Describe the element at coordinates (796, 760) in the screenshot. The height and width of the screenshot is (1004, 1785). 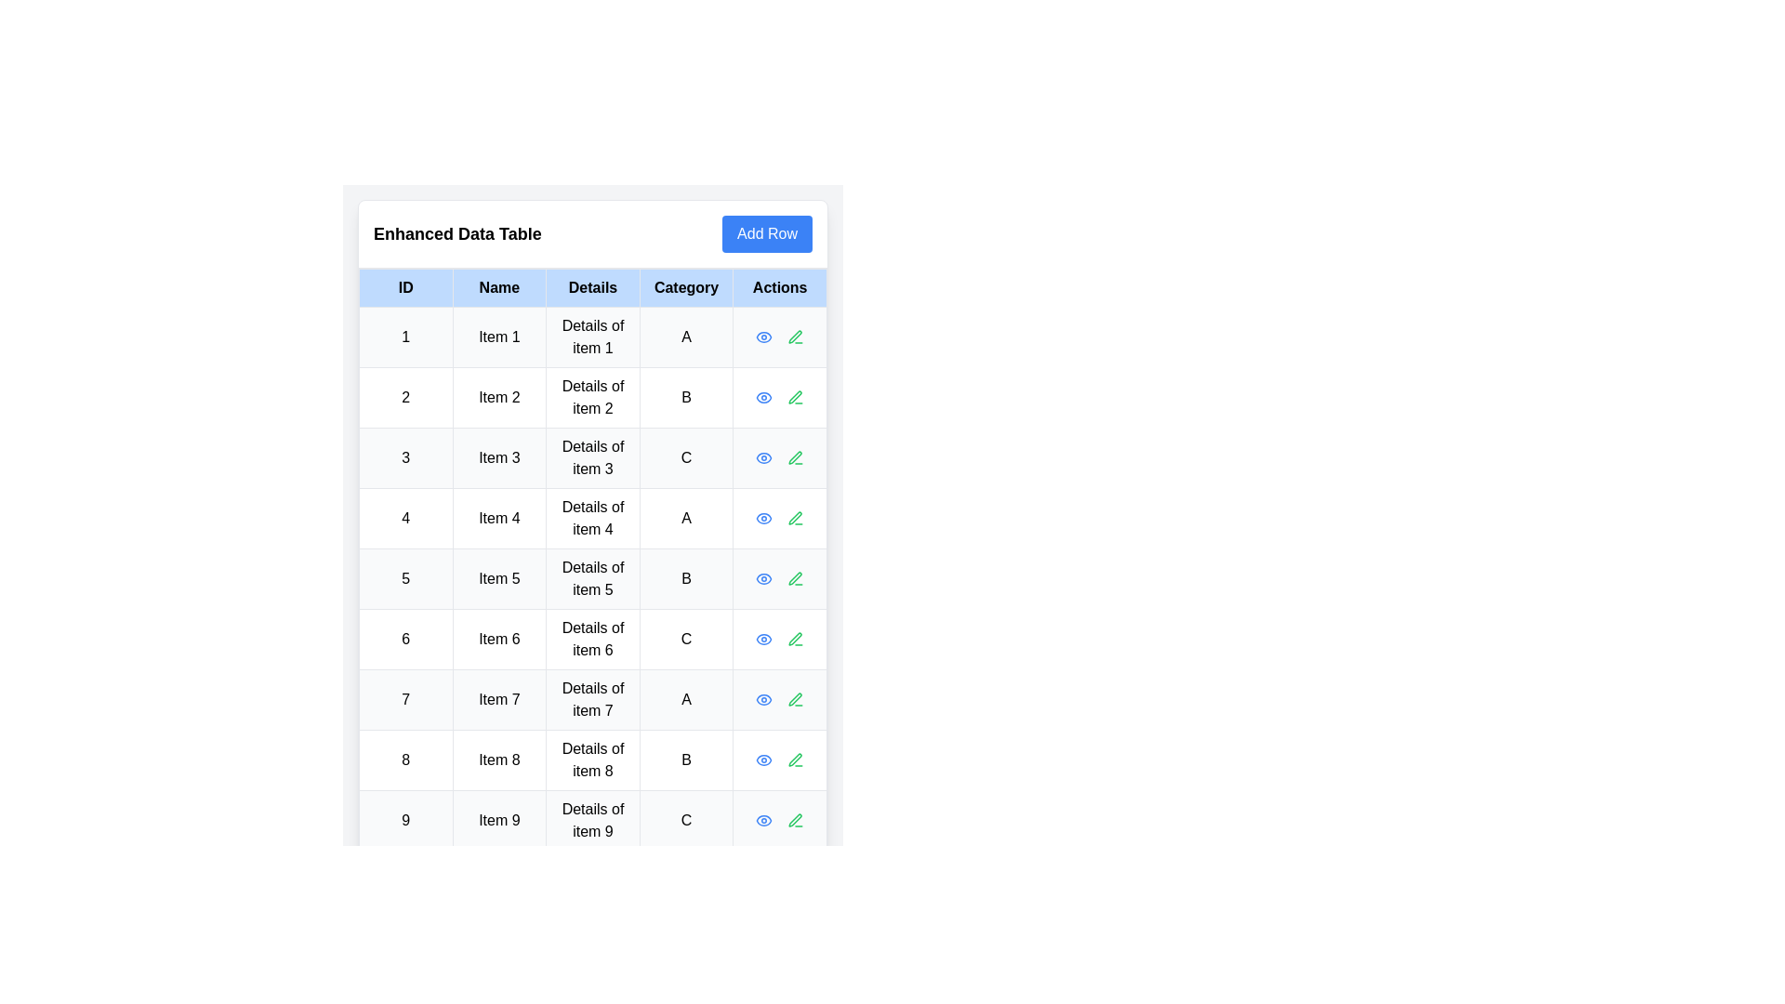
I see `the green outline pen icon button in the 'Actions' column of the eighth row to initiate edit` at that location.